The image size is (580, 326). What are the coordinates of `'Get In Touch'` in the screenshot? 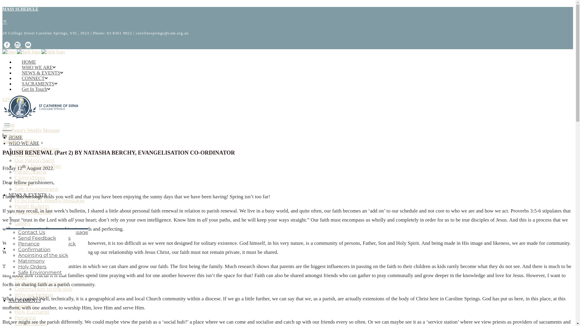 It's located at (36, 89).